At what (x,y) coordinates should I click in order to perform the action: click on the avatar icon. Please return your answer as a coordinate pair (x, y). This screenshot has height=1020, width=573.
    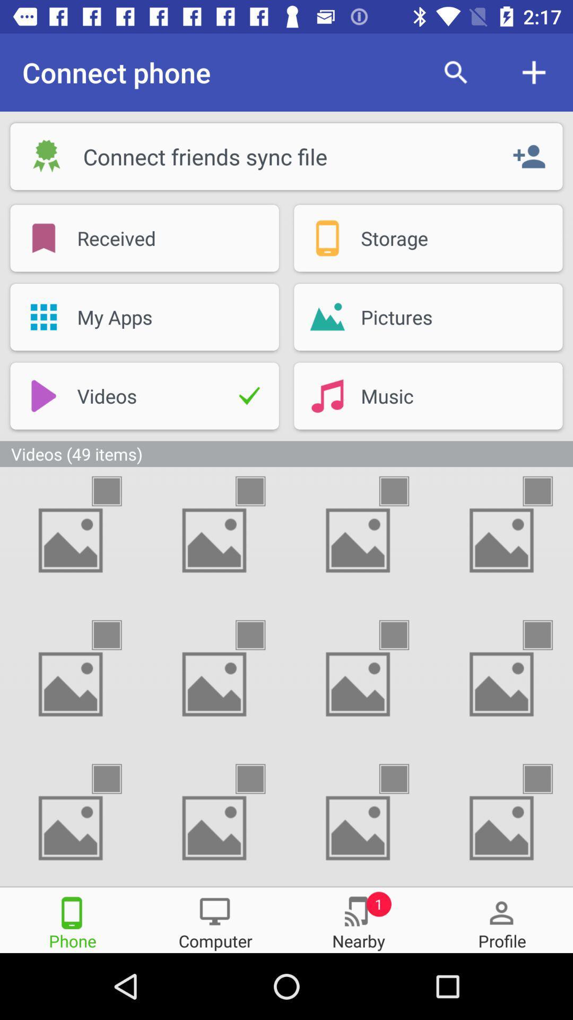
    Looking at the image, I should click on (501, 919).